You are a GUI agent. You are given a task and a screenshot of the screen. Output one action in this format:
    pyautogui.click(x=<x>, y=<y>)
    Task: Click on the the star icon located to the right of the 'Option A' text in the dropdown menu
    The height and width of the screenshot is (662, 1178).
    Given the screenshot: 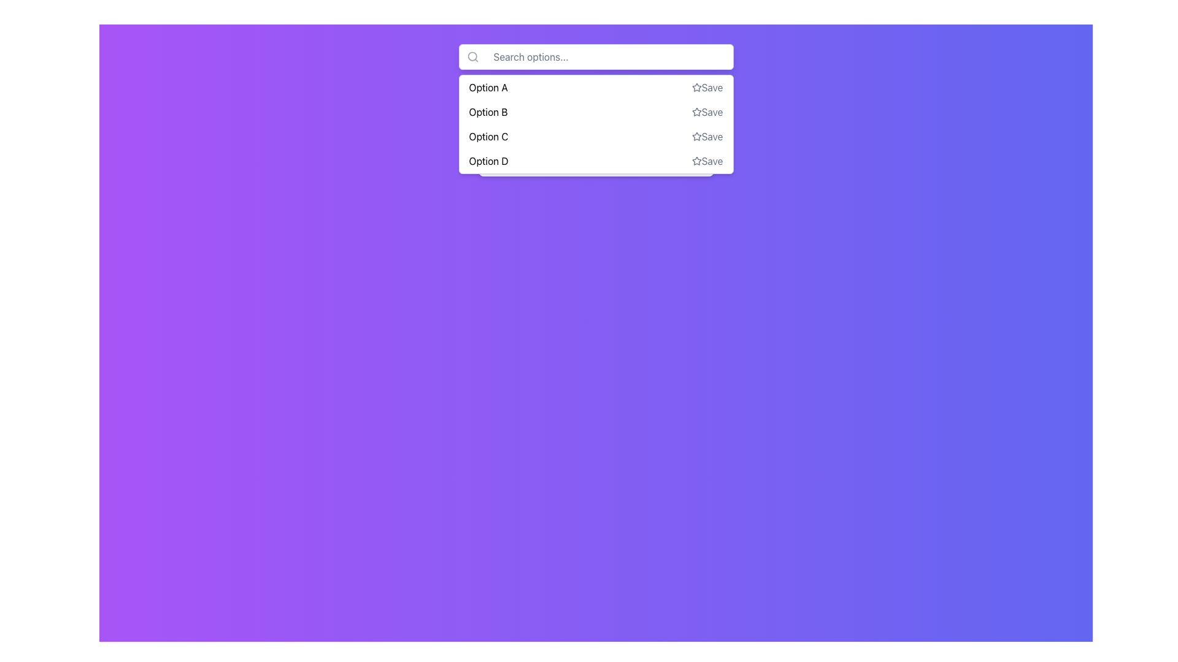 What is the action you would take?
    pyautogui.click(x=696, y=86)
    